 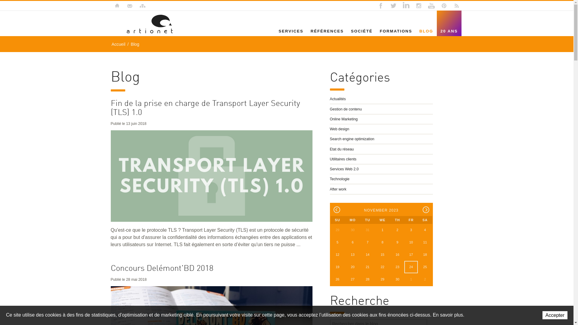 What do you see at coordinates (333, 209) in the screenshot?
I see `'PREV'` at bounding box center [333, 209].